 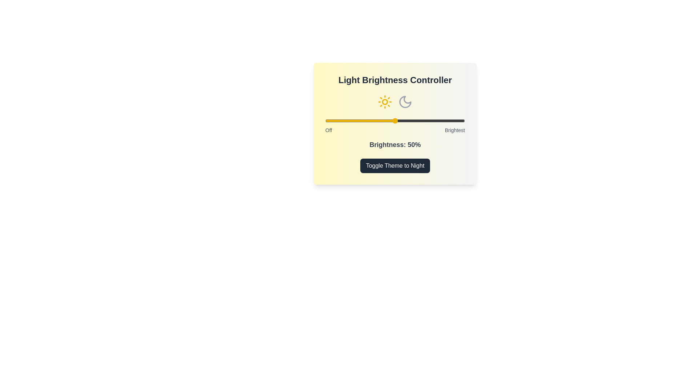 What do you see at coordinates (394, 166) in the screenshot?
I see `'Toggle Theme to Night' button to switch the theme` at bounding box center [394, 166].